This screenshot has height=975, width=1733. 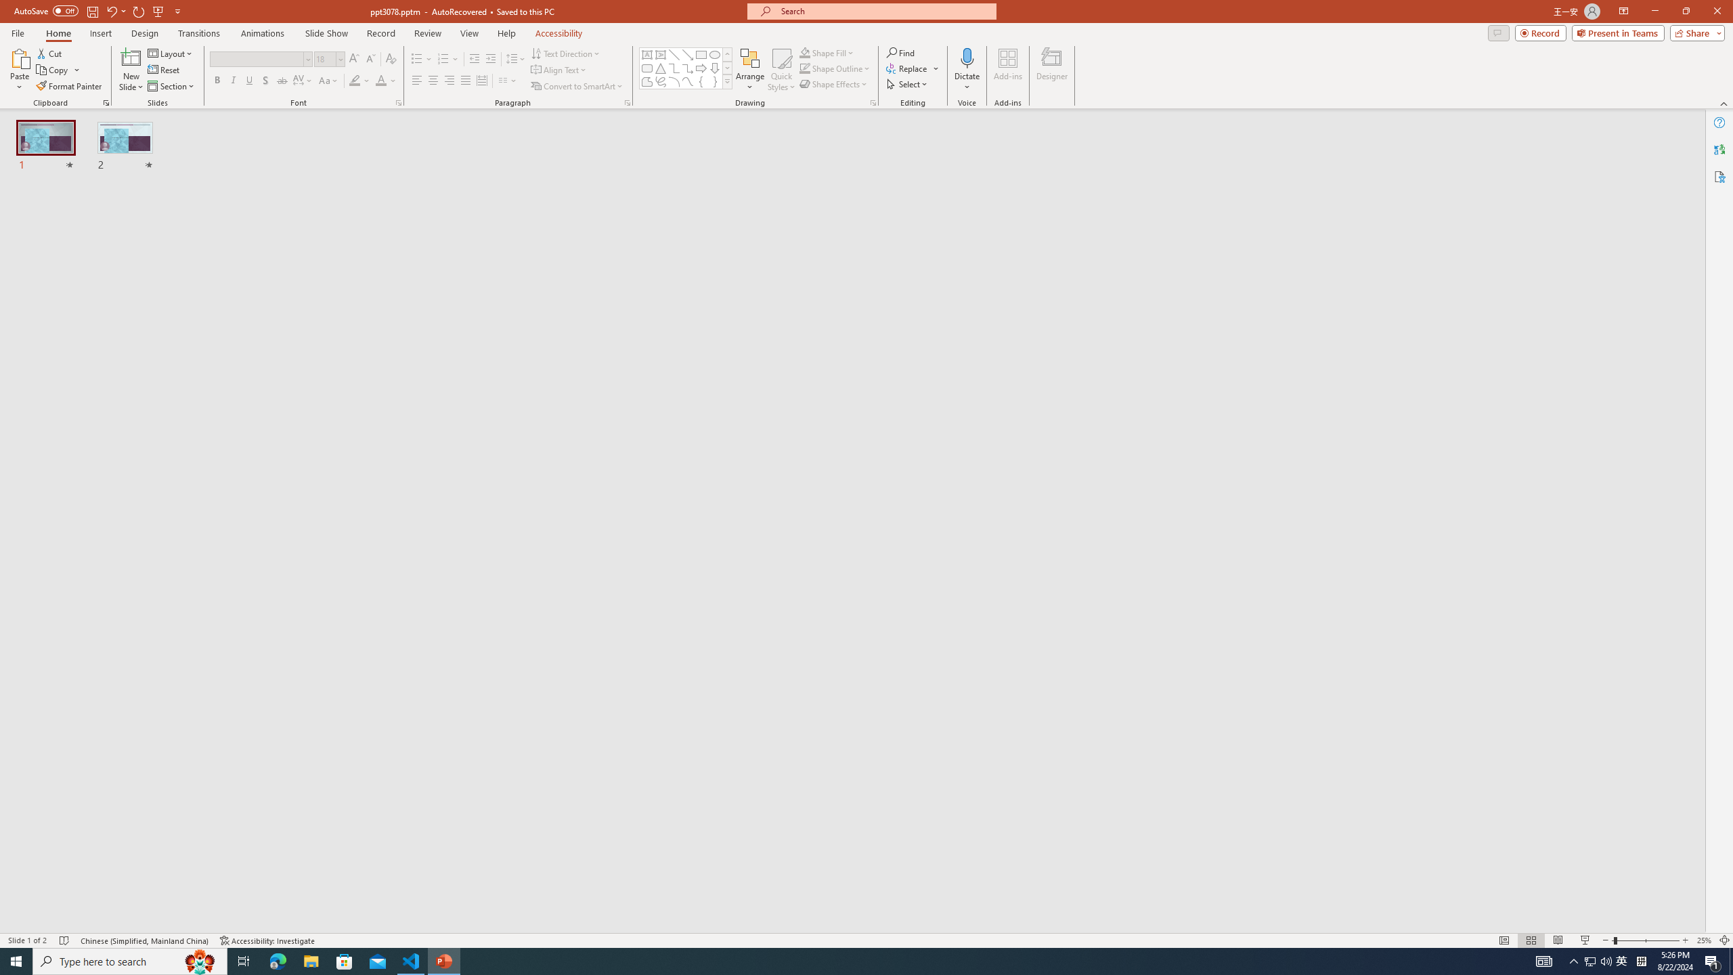 What do you see at coordinates (1703, 940) in the screenshot?
I see `'Zoom 25%'` at bounding box center [1703, 940].